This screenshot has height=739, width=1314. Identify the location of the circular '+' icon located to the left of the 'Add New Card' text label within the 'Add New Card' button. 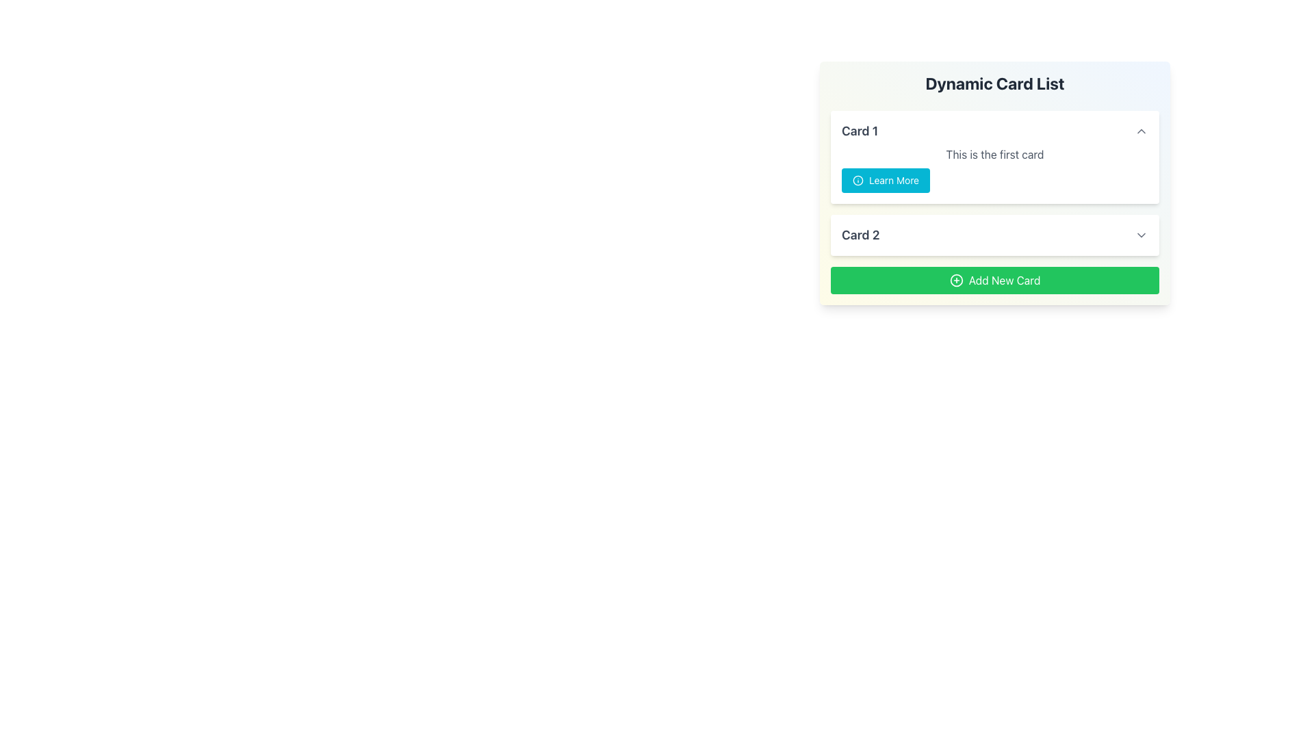
(955, 279).